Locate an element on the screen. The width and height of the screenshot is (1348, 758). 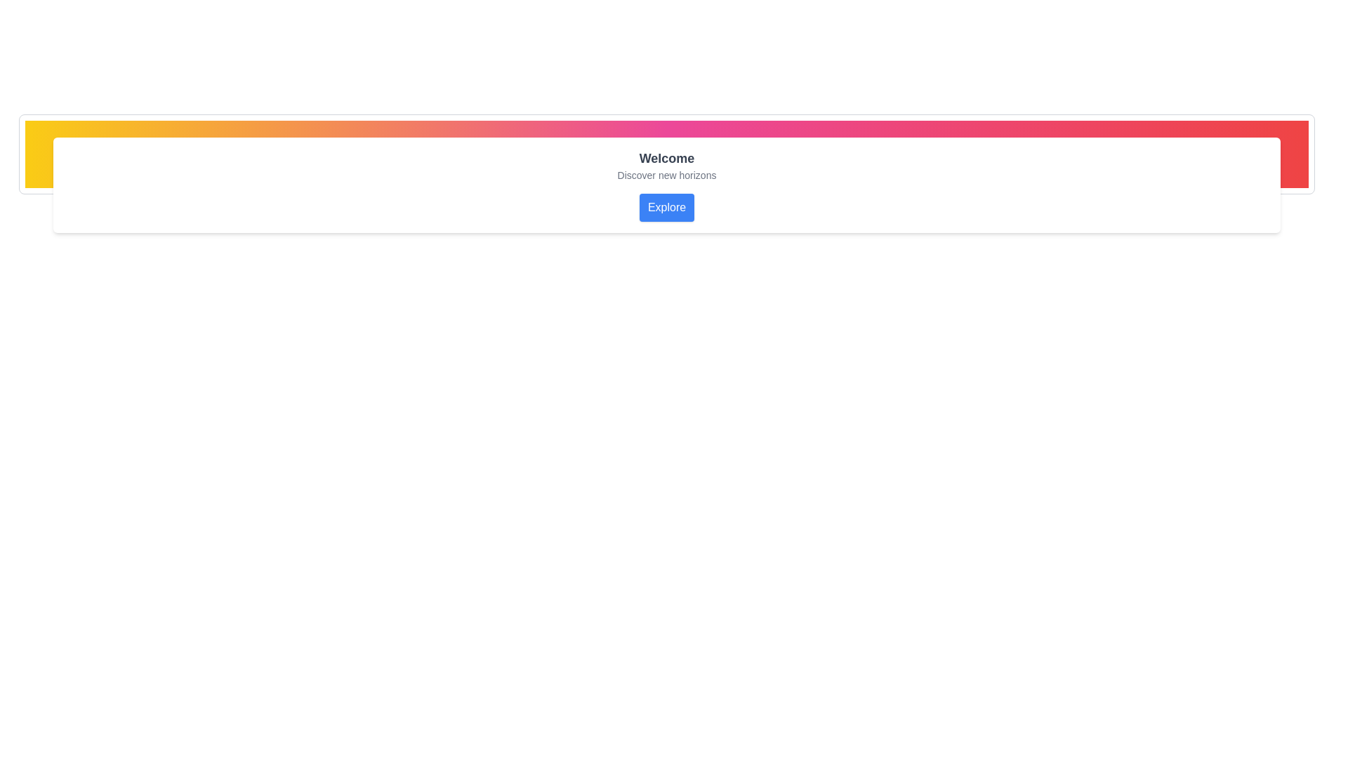
the static text component that provides a descriptive or motivational subtitle, located centrally beneath the 'Welcome' header and above the 'Explore' button is located at coordinates (666, 175).